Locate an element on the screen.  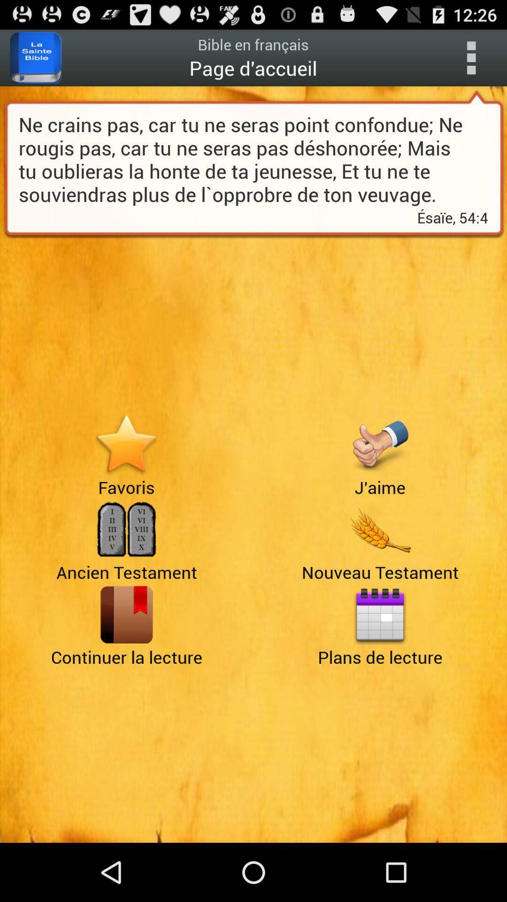
the date_range icon is located at coordinates (379, 657).